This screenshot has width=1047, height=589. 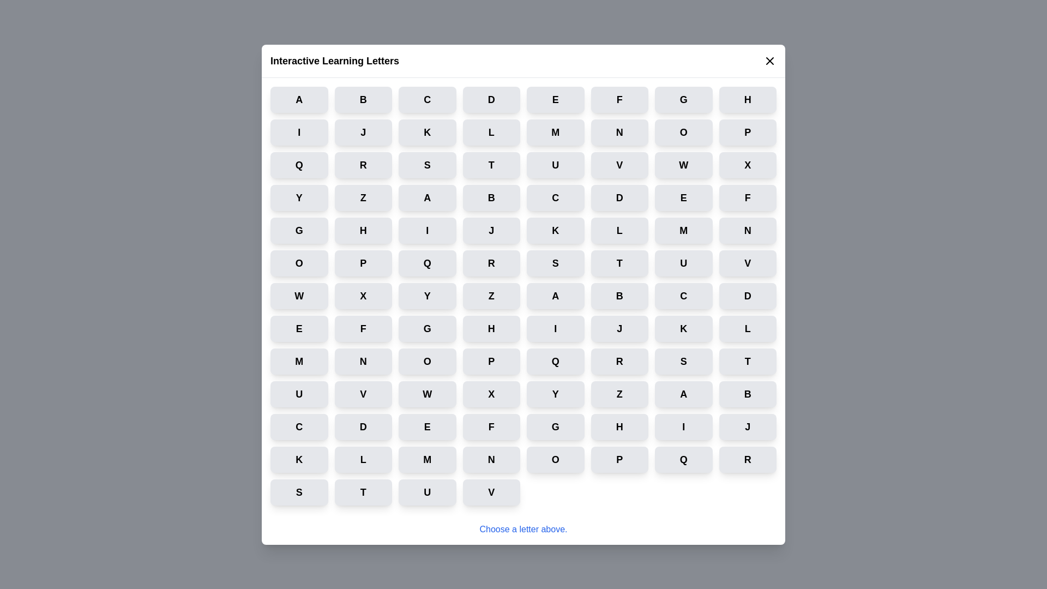 What do you see at coordinates (363, 99) in the screenshot?
I see `the letter button labeled B` at bounding box center [363, 99].